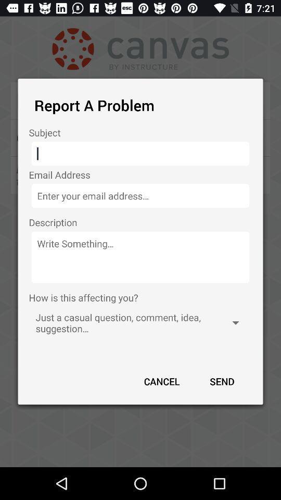 This screenshot has height=500, width=281. Describe the element at coordinates (221, 381) in the screenshot. I see `the app below just a casual app` at that location.